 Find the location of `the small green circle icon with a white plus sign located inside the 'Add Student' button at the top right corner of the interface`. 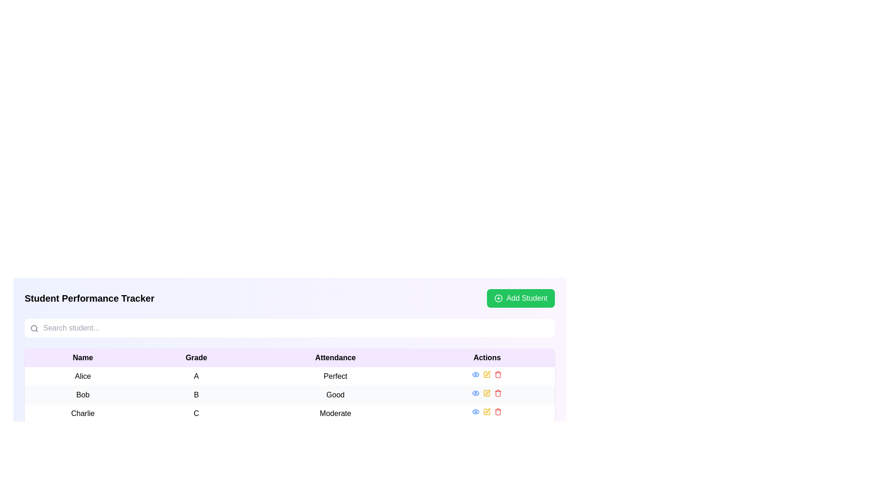

the small green circle icon with a white plus sign located inside the 'Add Student' button at the top right corner of the interface is located at coordinates (498, 298).